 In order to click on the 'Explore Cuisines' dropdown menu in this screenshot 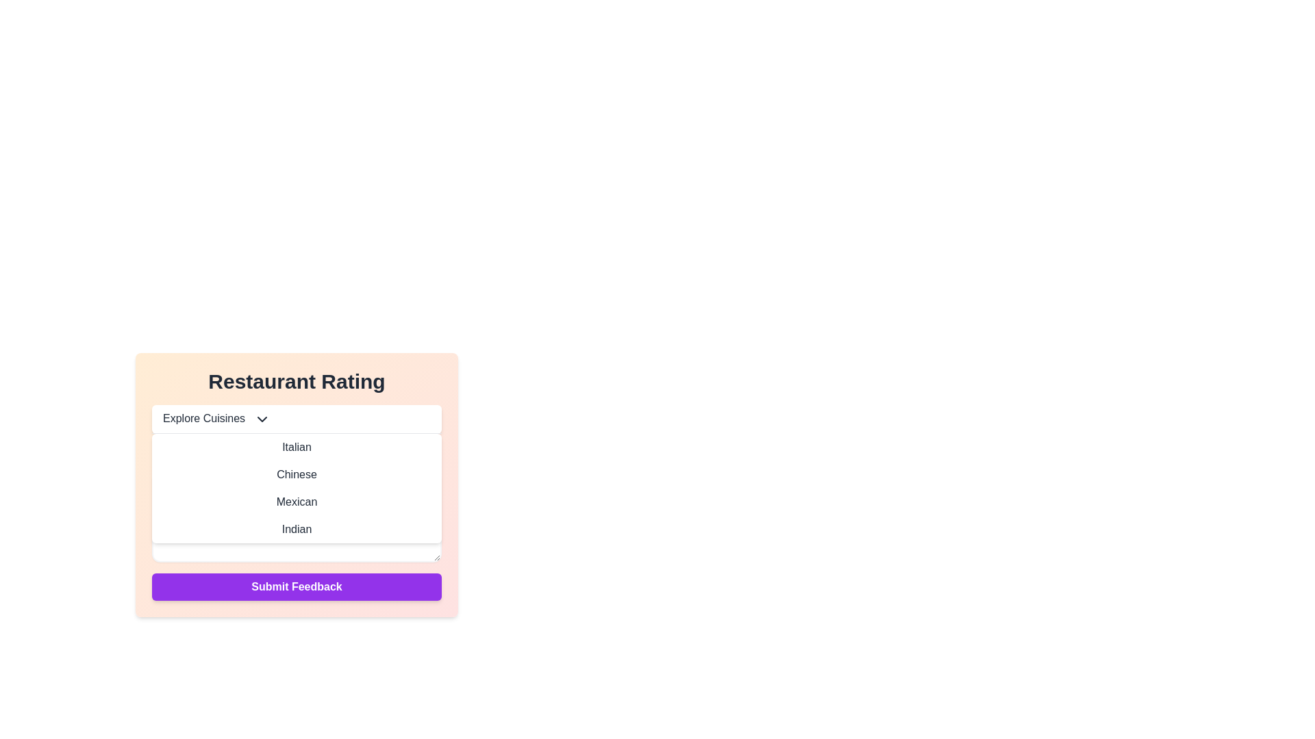, I will do `click(296, 418)`.